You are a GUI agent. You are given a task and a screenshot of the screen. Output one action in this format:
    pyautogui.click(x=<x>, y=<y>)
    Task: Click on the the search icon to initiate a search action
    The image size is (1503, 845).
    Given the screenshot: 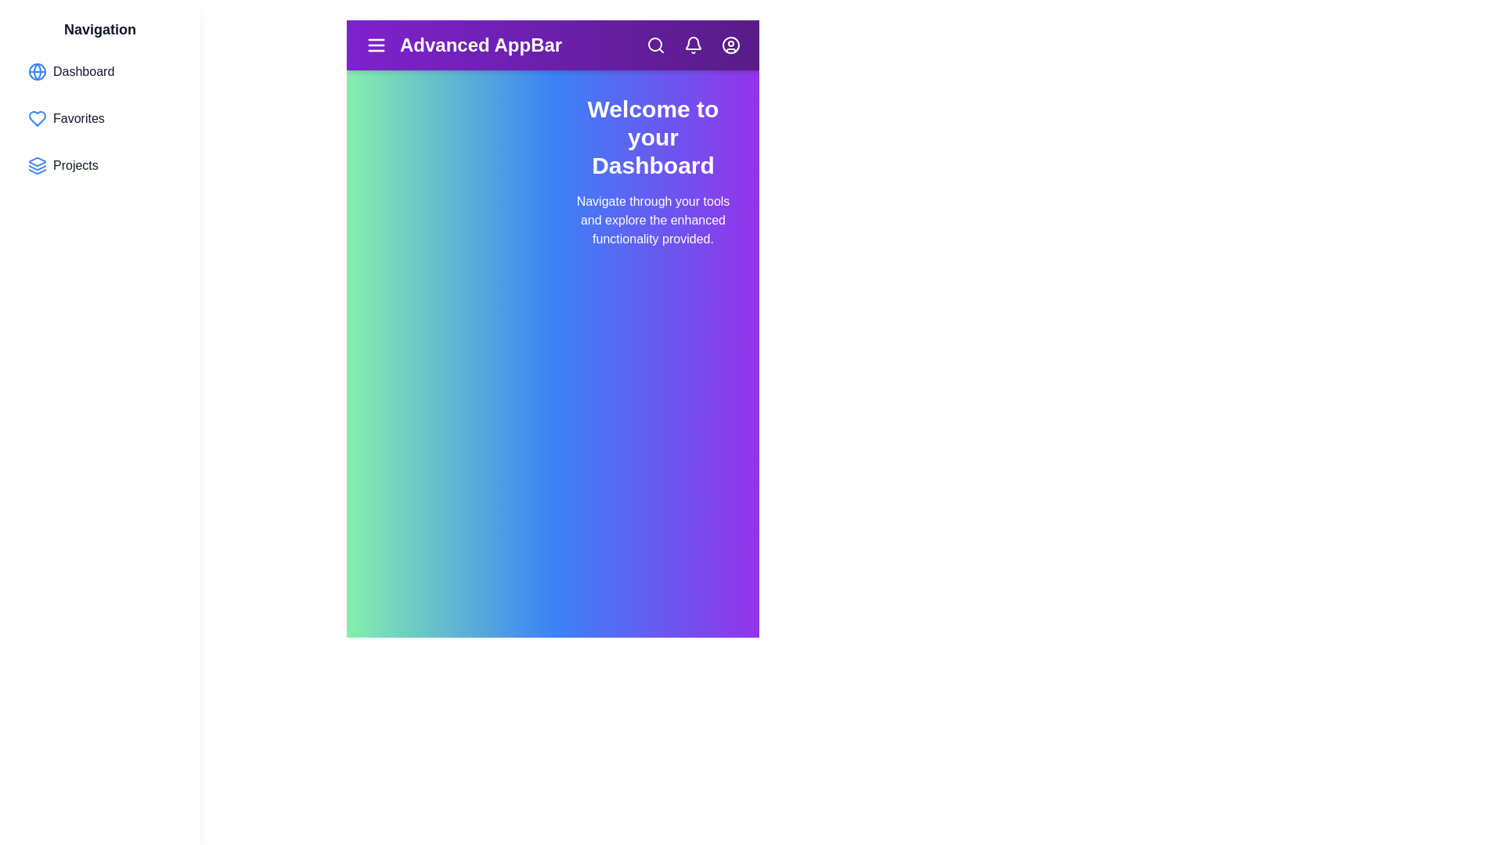 What is the action you would take?
    pyautogui.click(x=656, y=44)
    